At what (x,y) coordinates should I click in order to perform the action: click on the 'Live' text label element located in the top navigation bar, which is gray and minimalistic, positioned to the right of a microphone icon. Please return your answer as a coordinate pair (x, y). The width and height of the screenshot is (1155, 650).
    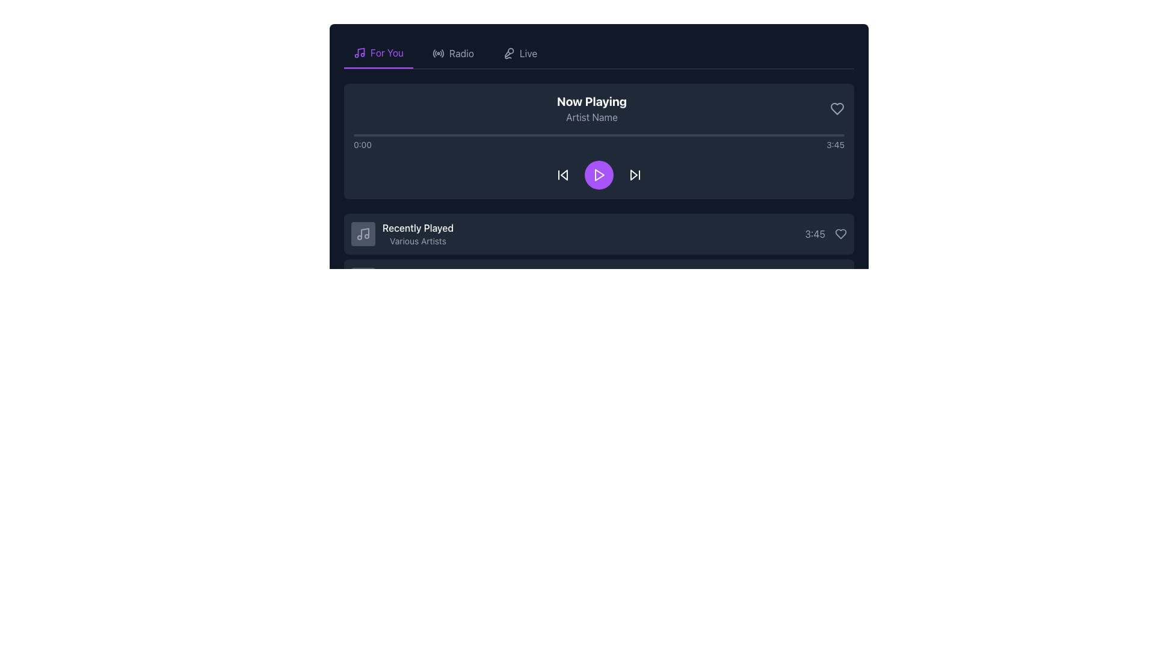
    Looking at the image, I should click on (528, 52).